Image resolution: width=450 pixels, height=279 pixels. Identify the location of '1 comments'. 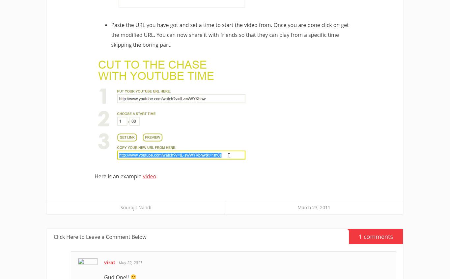
(376, 236).